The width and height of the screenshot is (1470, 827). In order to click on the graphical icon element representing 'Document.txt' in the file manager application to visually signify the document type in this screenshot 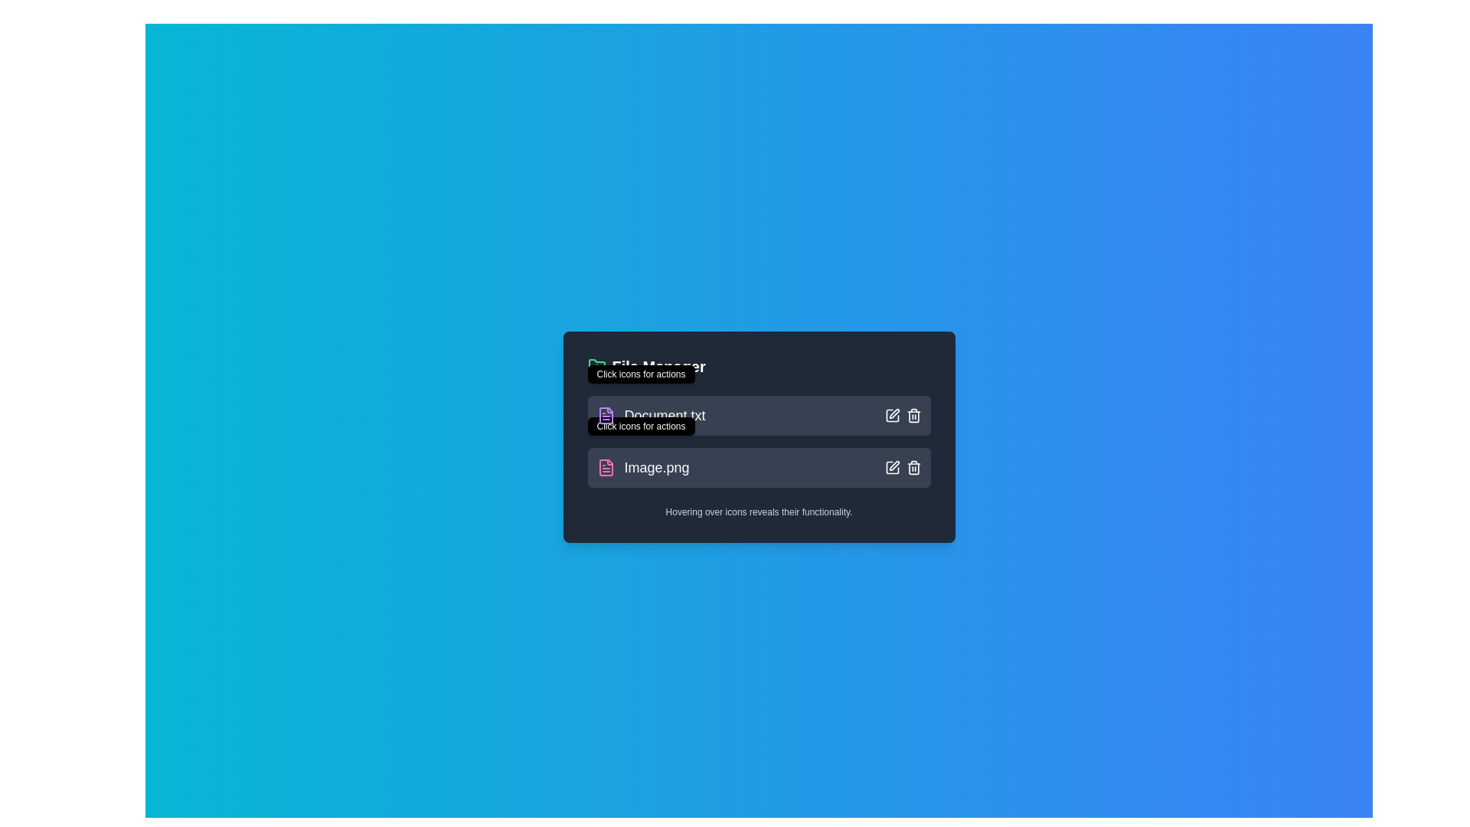, I will do `click(605, 416)`.